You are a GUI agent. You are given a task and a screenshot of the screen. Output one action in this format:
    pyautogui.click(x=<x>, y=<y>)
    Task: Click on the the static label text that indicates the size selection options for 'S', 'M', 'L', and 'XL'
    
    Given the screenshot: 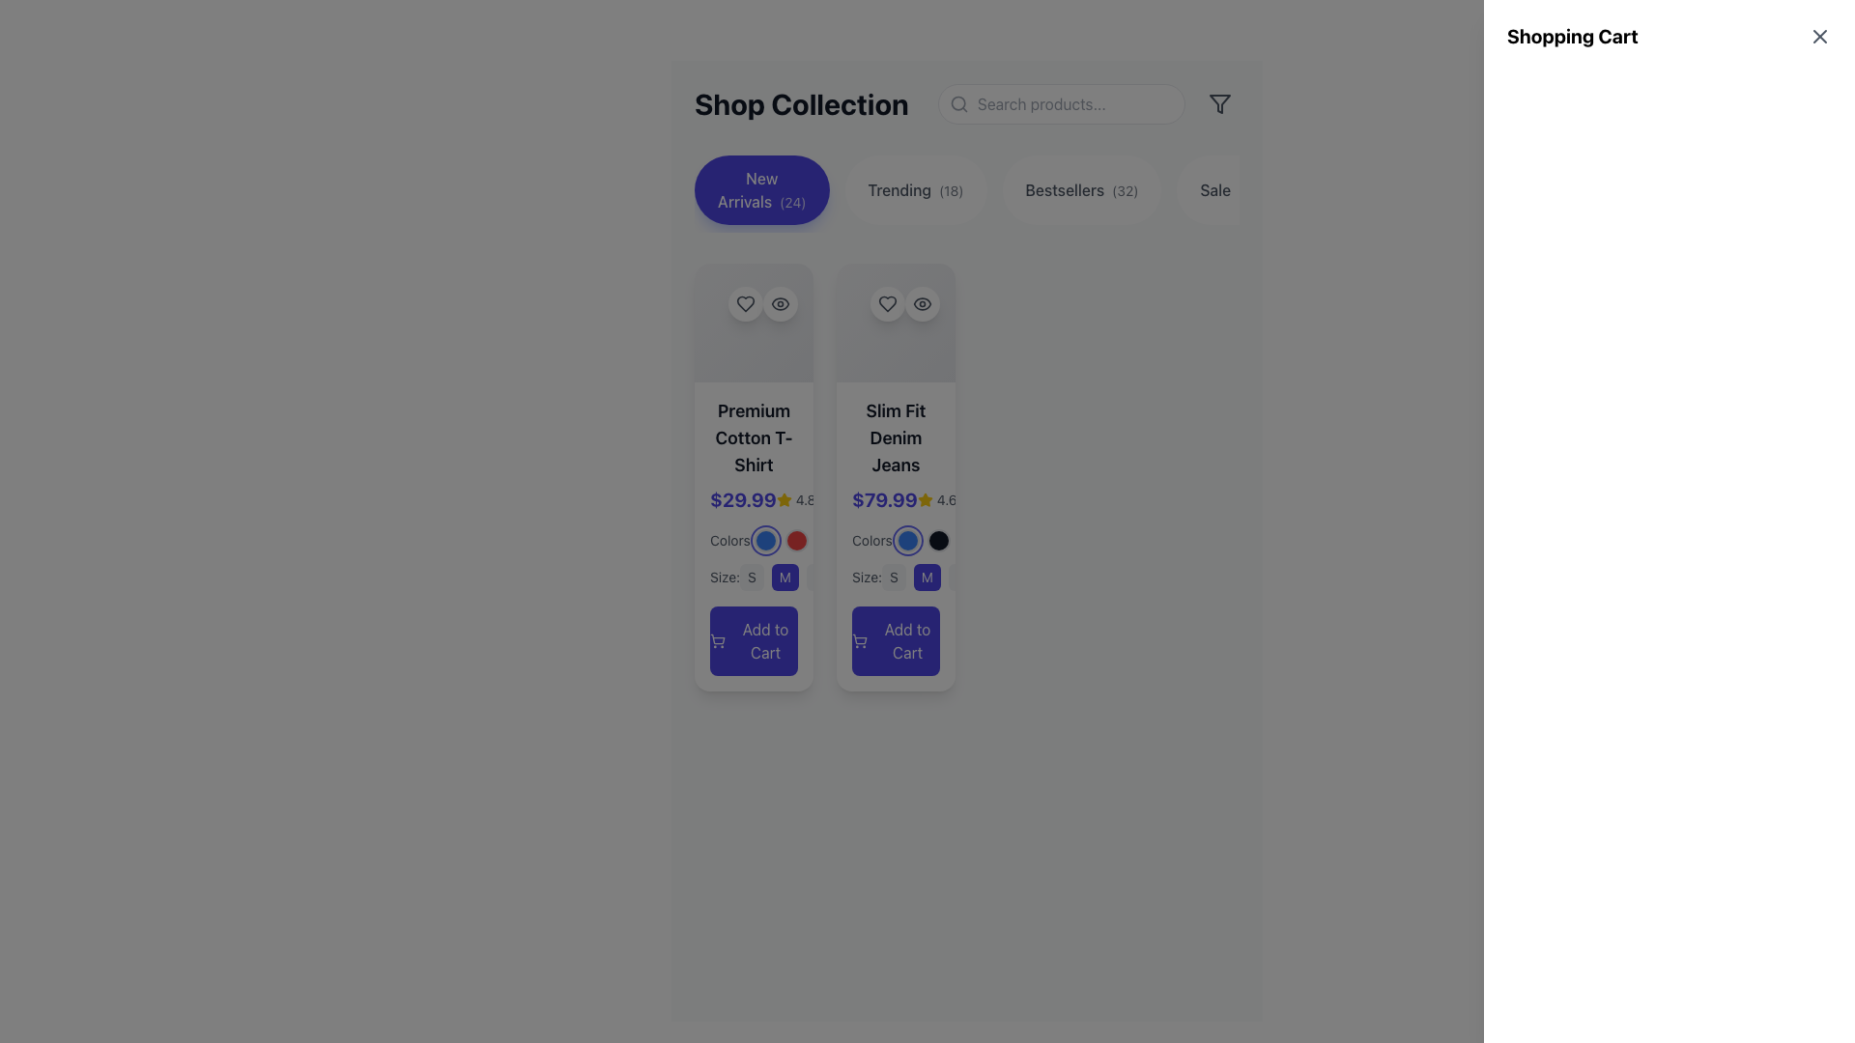 What is the action you would take?
    pyautogui.click(x=866, y=576)
    